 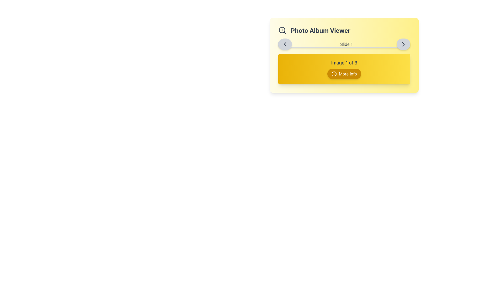 What do you see at coordinates (344, 74) in the screenshot?
I see `the interactive button located in the panel with a gradient yellow background, positioned below the text 'Image 1 of 3'` at bounding box center [344, 74].